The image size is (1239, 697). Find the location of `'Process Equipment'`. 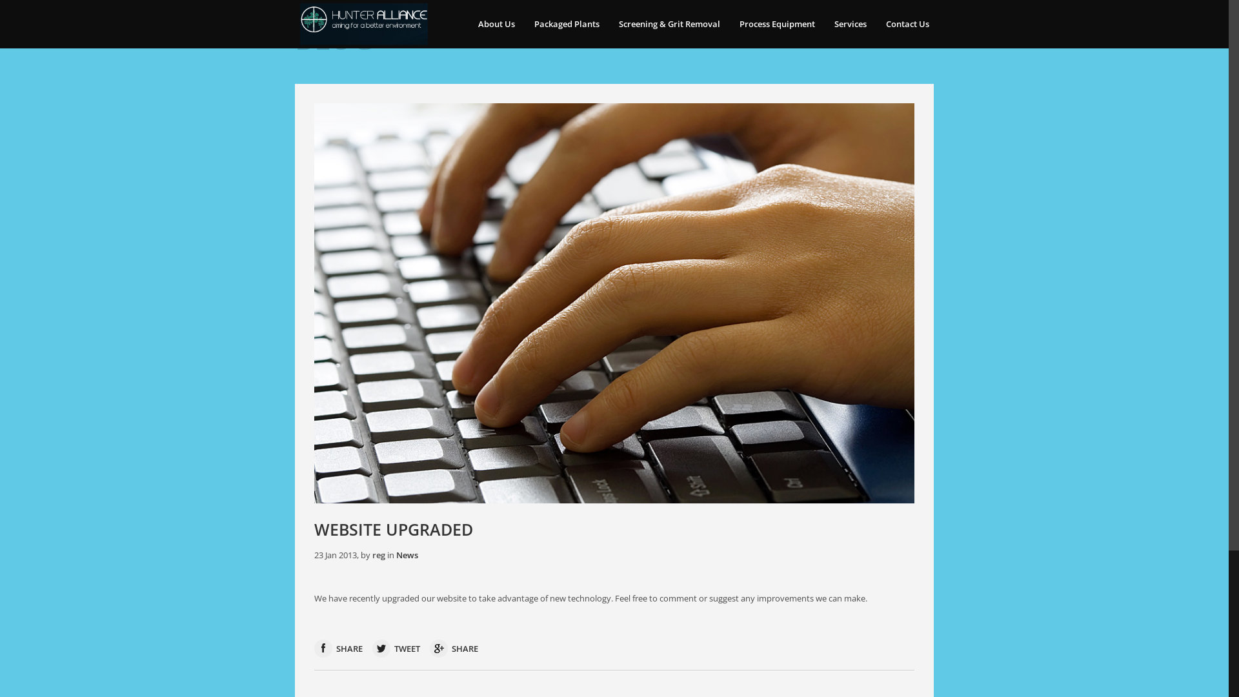

'Process Equipment' is located at coordinates (776, 24).